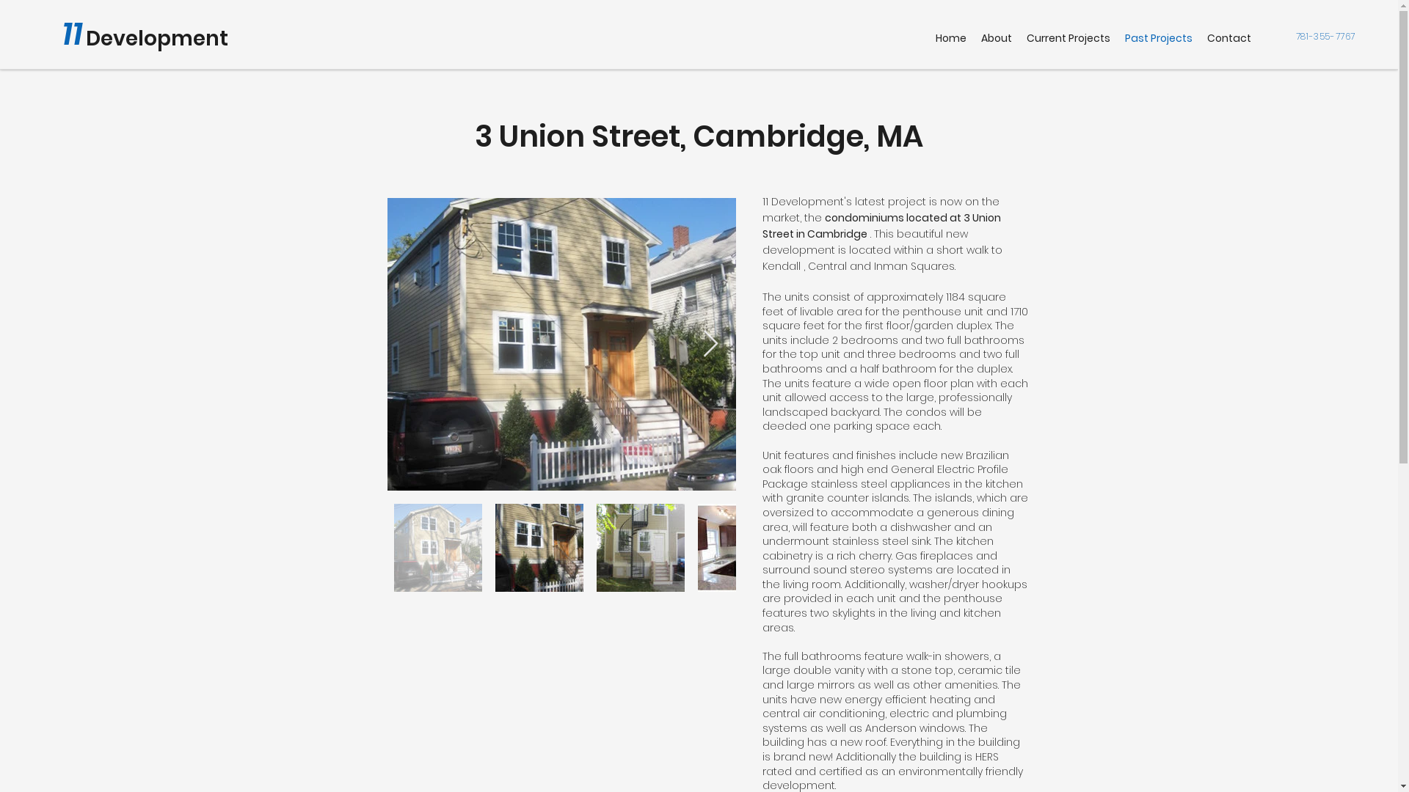 Image resolution: width=1409 pixels, height=792 pixels. What do you see at coordinates (1158, 37) in the screenshot?
I see `'Past Projects'` at bounding box center [1158, 37].